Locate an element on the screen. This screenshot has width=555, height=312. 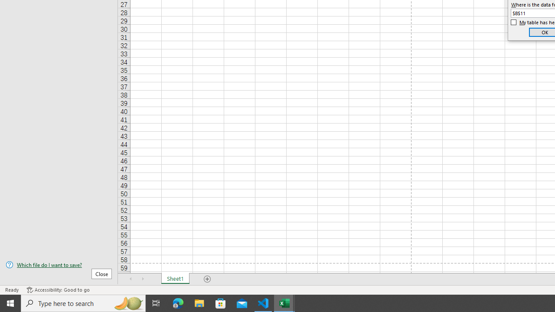
'Close' is located at coordinates (101, 273).